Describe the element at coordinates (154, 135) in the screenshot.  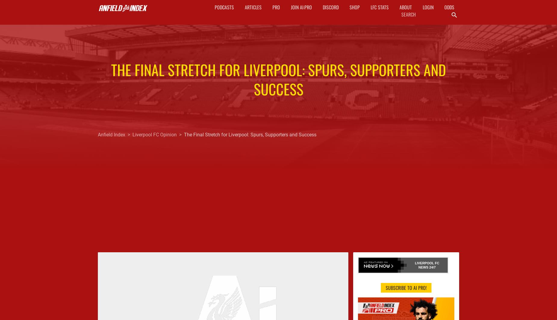
I see `'Liverpool FC Opinion'` at that location.